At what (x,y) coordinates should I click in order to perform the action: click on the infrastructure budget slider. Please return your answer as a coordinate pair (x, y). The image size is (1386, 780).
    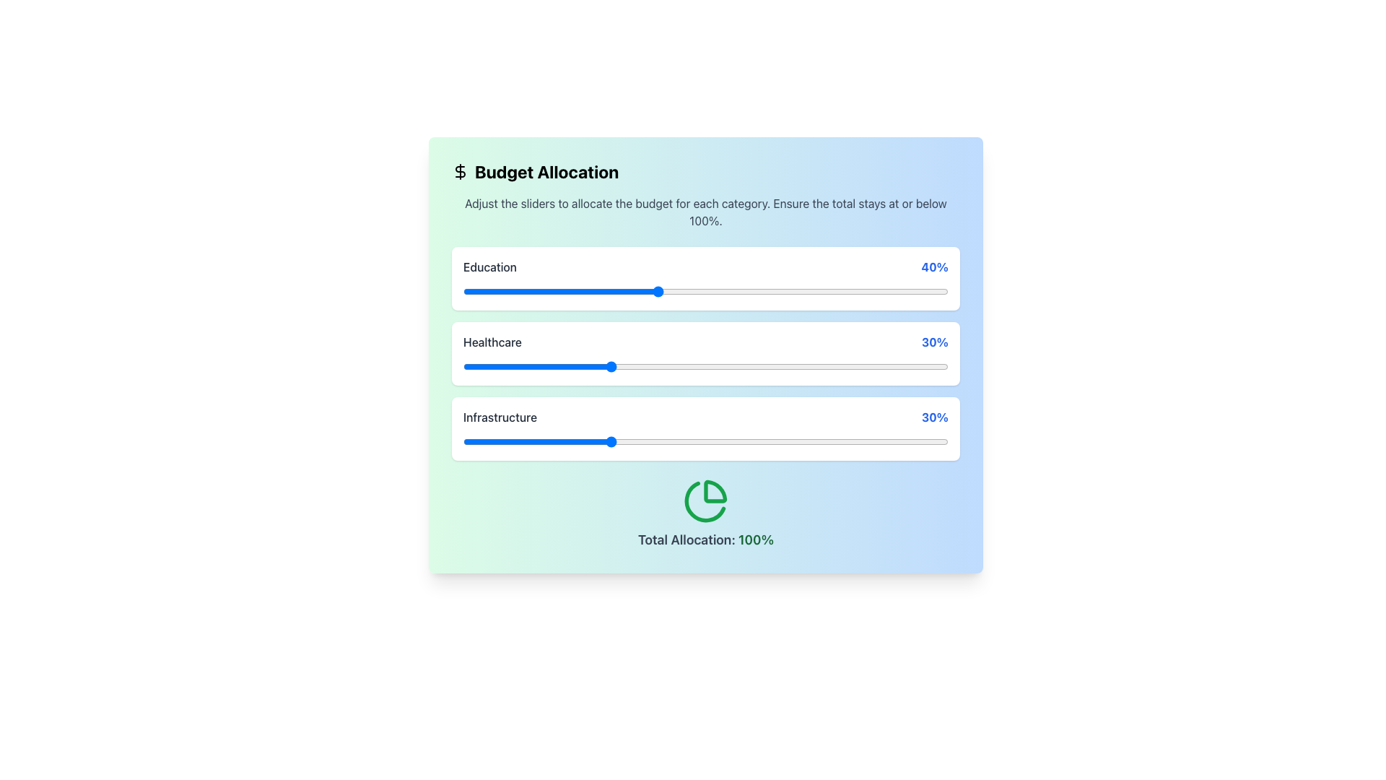
    Looking at the image, I should click on (749, 441).